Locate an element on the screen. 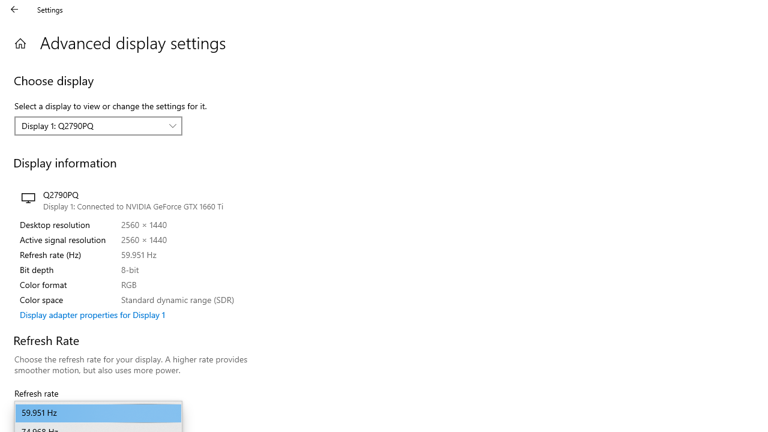 The image size is (768, 432). 'Select a display to view or change the settings for it.' is located at coordinates (98, 125).